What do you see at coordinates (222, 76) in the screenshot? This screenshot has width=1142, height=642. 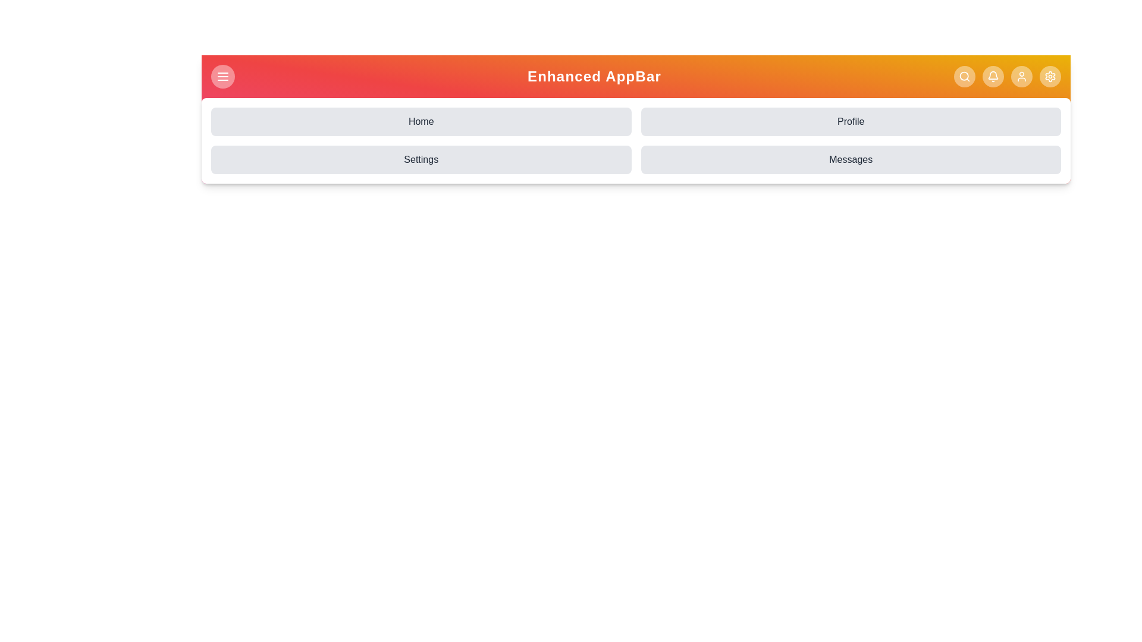 I see `the menu button to toggle the menu visibility` at bounding box center [222, 76].